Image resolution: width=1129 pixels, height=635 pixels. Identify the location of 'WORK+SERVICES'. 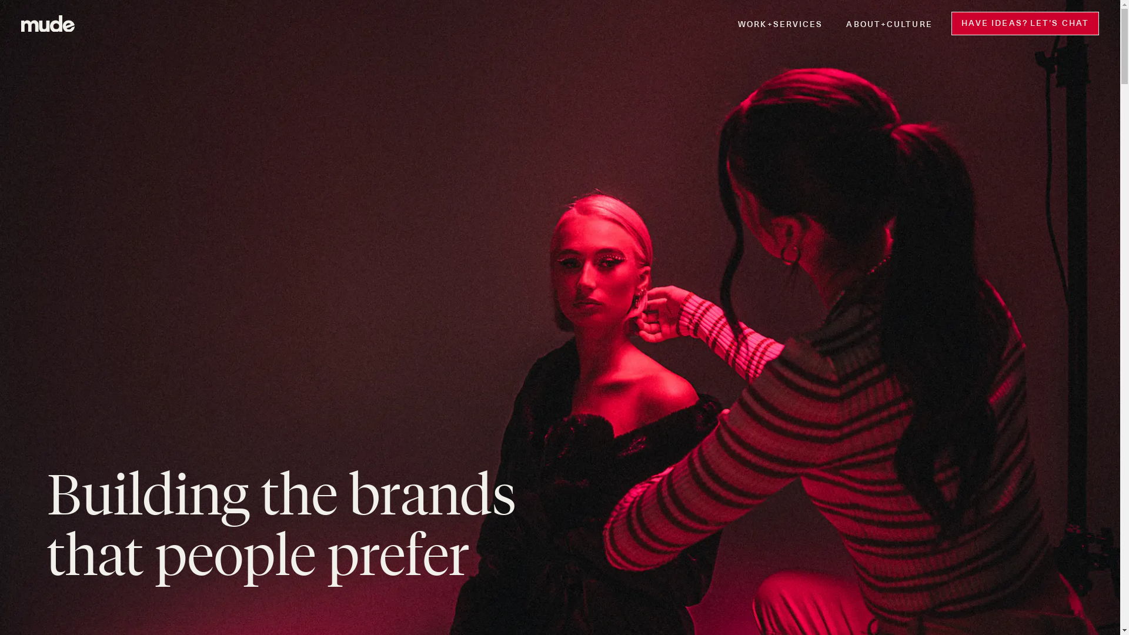
(780, 23).